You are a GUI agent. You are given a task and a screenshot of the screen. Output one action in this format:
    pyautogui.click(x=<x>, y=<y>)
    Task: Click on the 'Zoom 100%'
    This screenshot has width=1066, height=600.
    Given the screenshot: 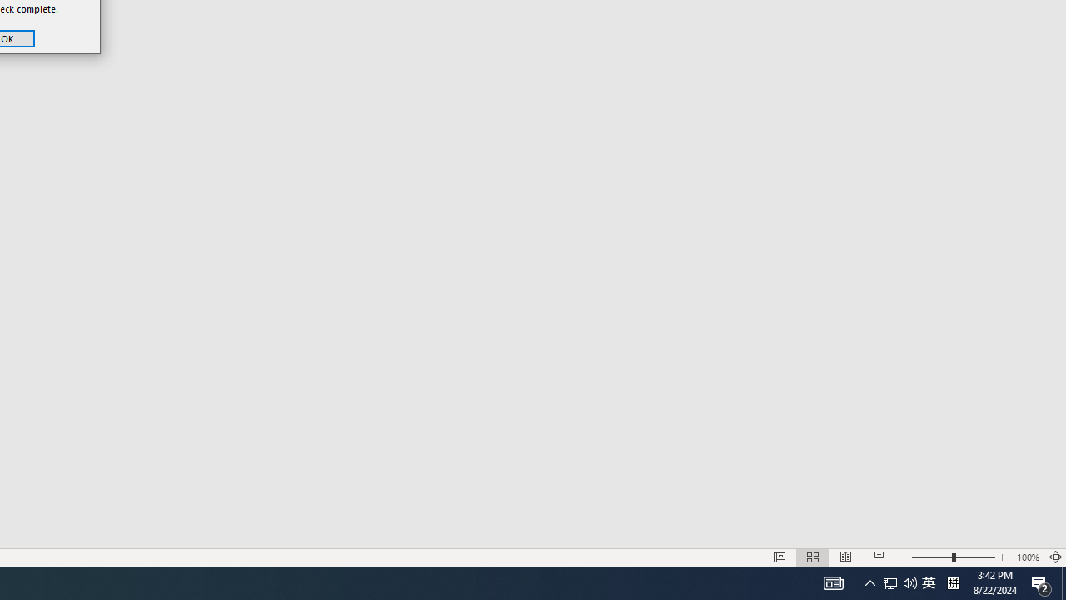 What is the action you would take?
    pyautogui.click(x=1027, y=557)
    